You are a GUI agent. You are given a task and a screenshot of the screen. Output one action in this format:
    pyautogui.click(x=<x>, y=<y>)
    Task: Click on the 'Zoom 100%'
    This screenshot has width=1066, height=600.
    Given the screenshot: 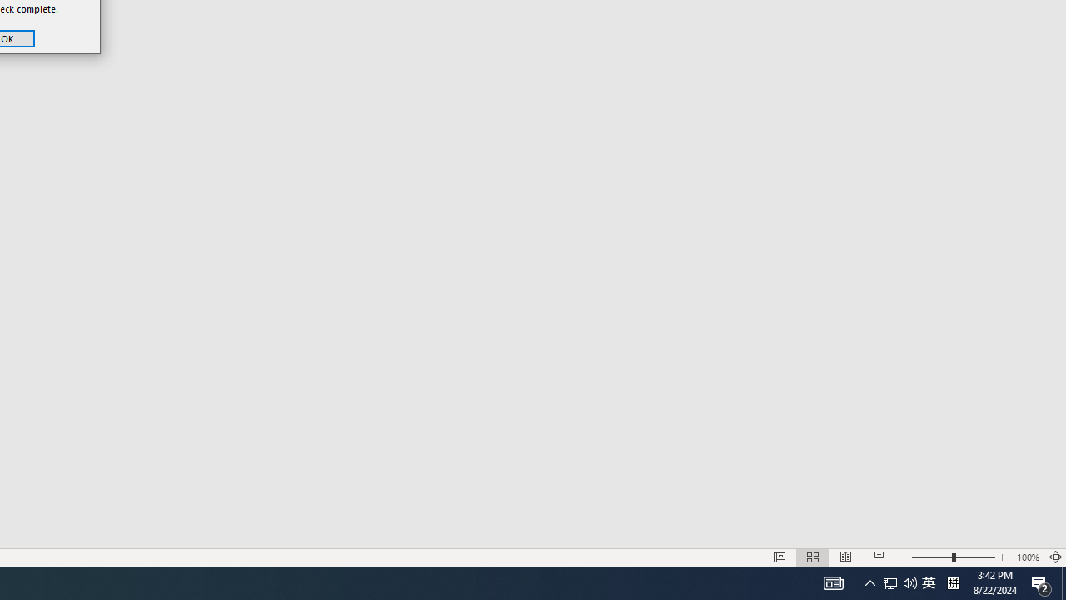 What is the action you would take?
    pyautogui.click(x=1027, y=557)
    